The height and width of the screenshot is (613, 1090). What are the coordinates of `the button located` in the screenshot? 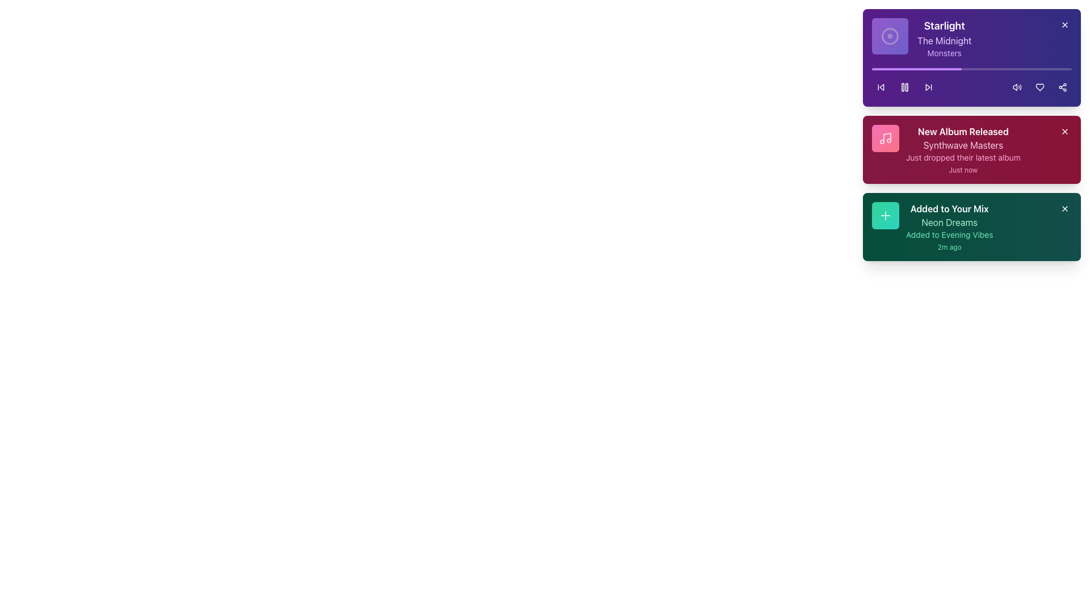 It's located at (1064, 208).